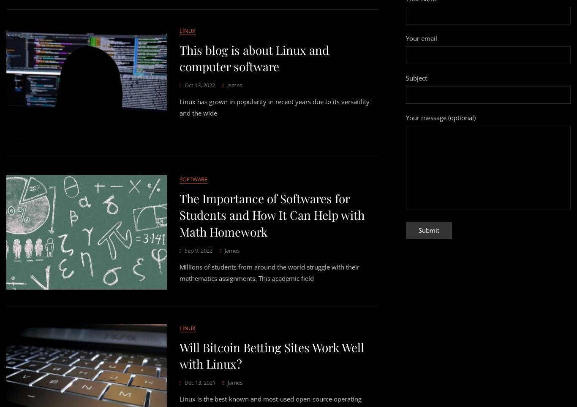 This screenshot has height=407, width=577. What do you see at coordinates (199, 250) in the screenshot?
I see `'Sep 9, 2022'` at bounding box center [199, 250].